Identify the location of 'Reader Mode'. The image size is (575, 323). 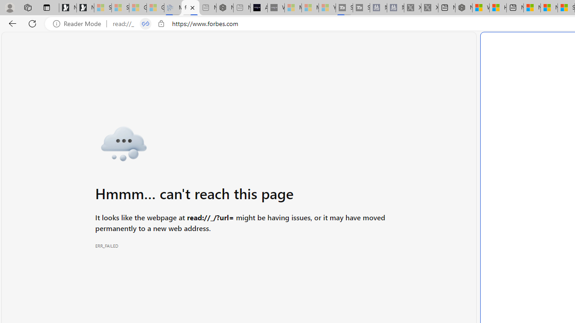
(80, 23).